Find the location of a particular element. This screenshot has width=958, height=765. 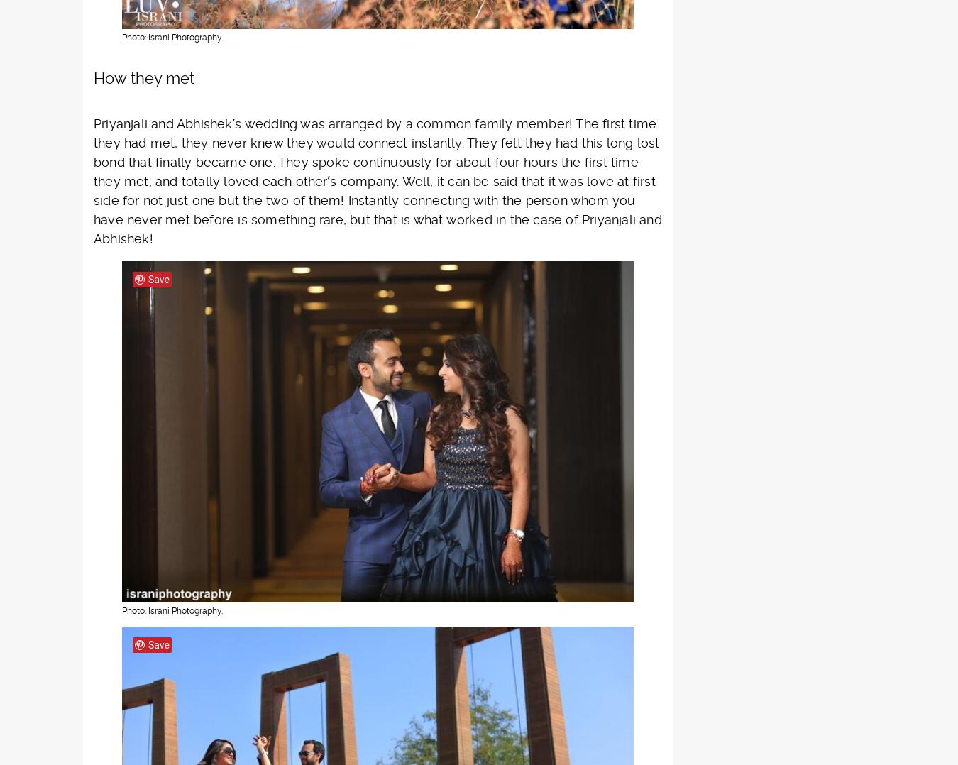

'The beautiful photography is done by' is located at coordinates (209, 446).